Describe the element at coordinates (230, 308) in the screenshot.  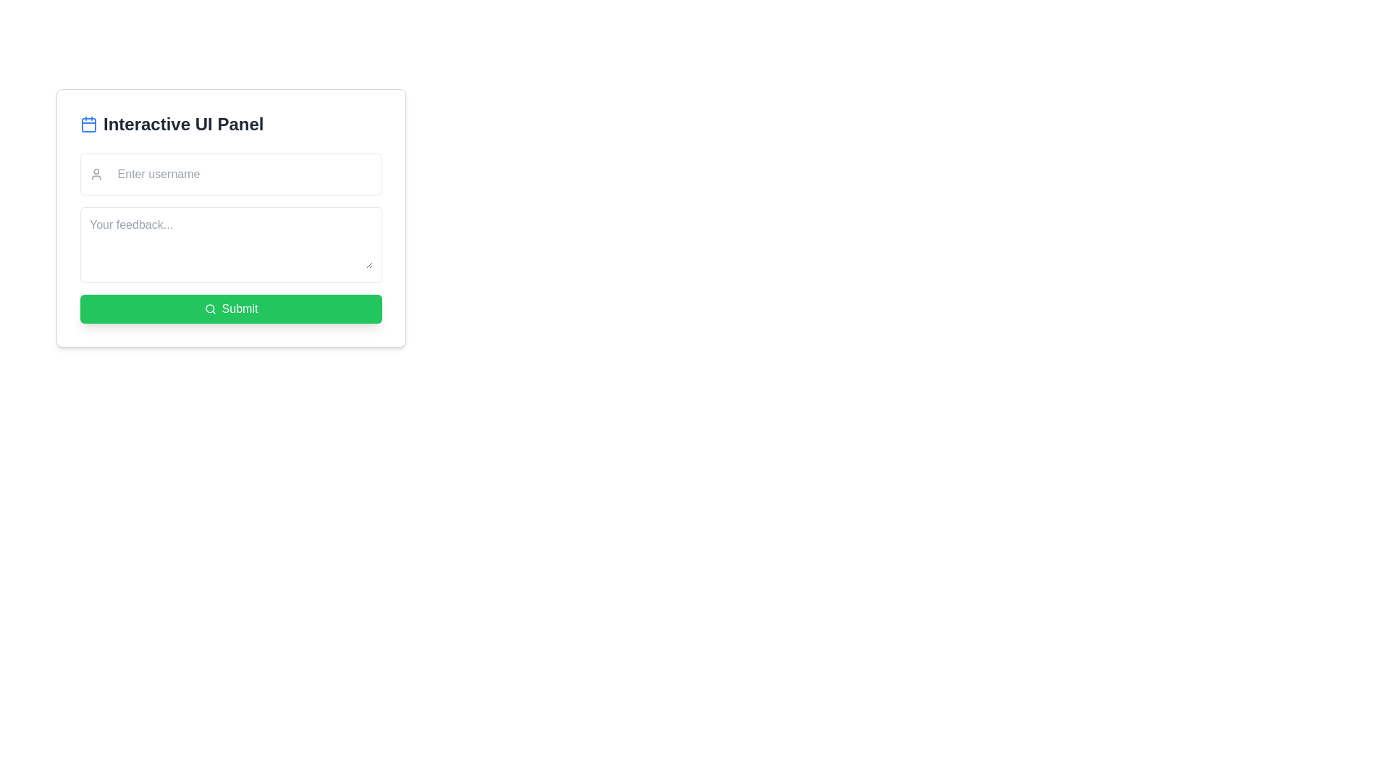
I see `the submit button positioned at the bottom of the panel to observe the hover effect` at that location.